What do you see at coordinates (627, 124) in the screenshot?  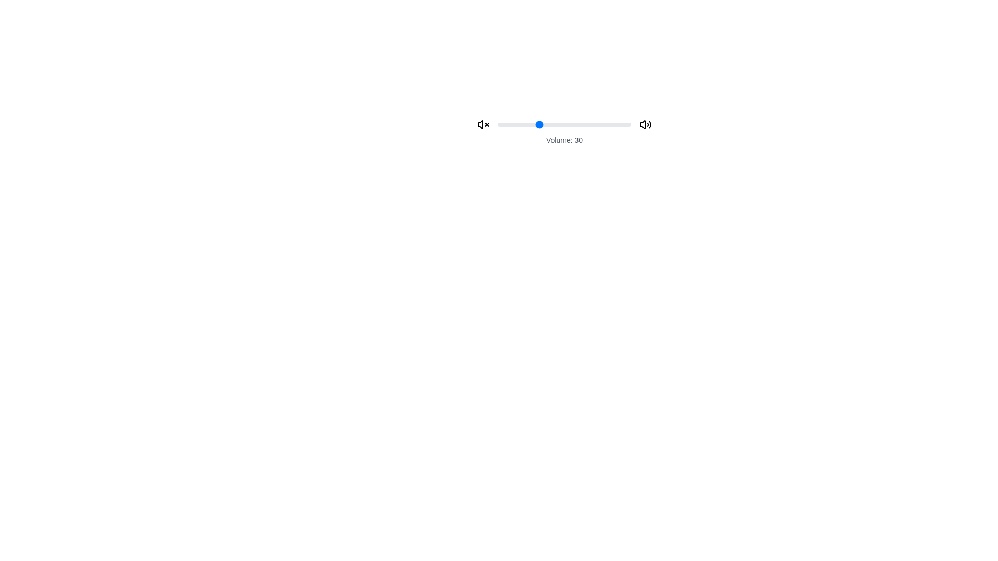 I see `the slider to set the volume to 98` at bounding box center [627, 124].